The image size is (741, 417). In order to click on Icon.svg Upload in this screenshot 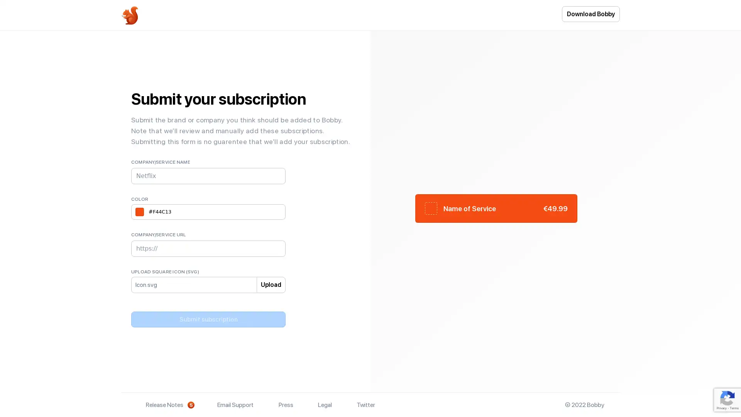, I will do `click(140, 285)`.